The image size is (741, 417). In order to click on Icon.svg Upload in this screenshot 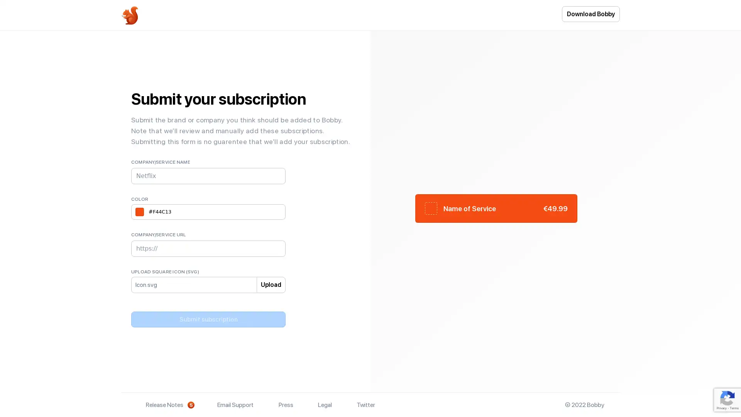, I will do `click(140, 285)`.